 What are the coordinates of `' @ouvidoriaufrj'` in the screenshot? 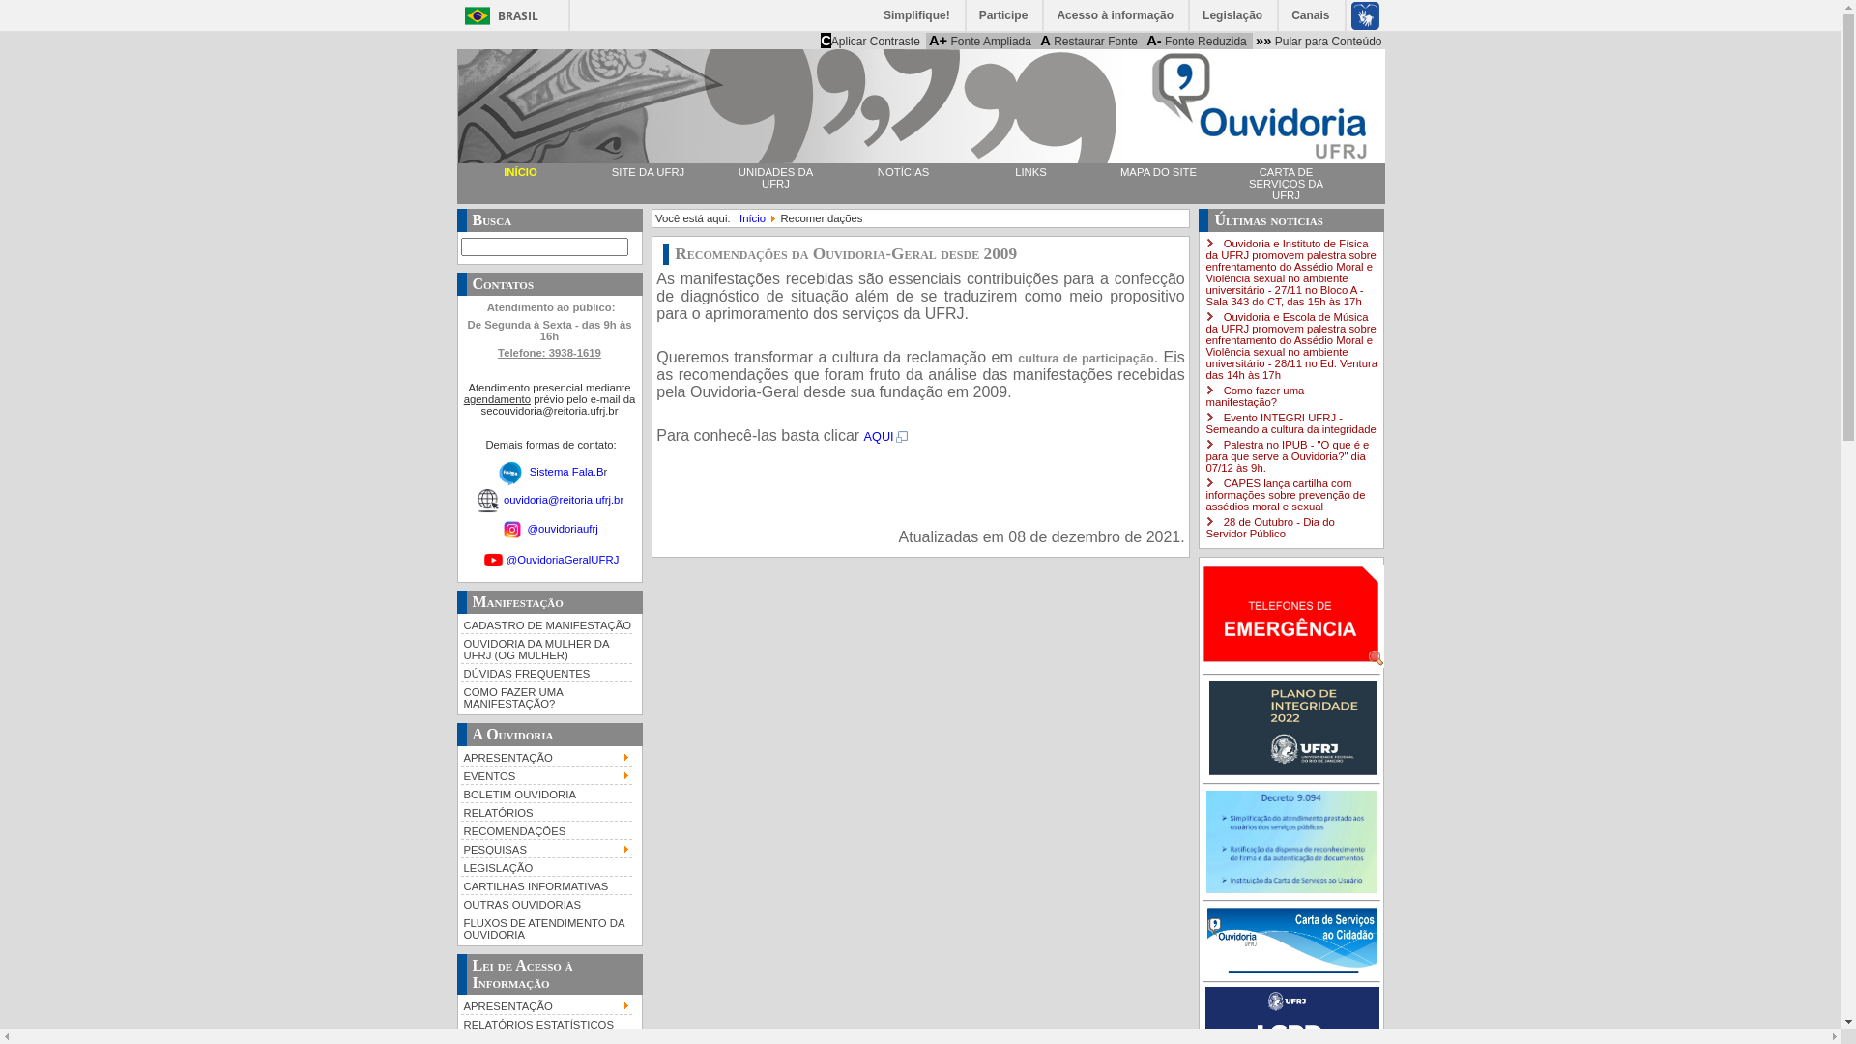 It's located at (501, 529).